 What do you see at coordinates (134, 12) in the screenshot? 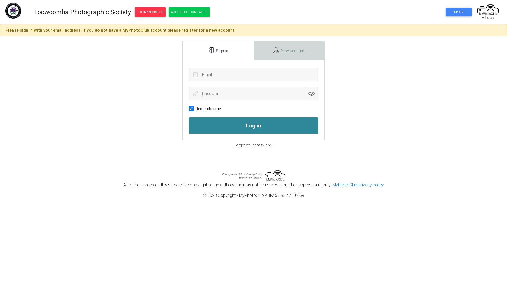
I see `'LOGIN/REGISTER'` at bounding box center [134, 12].